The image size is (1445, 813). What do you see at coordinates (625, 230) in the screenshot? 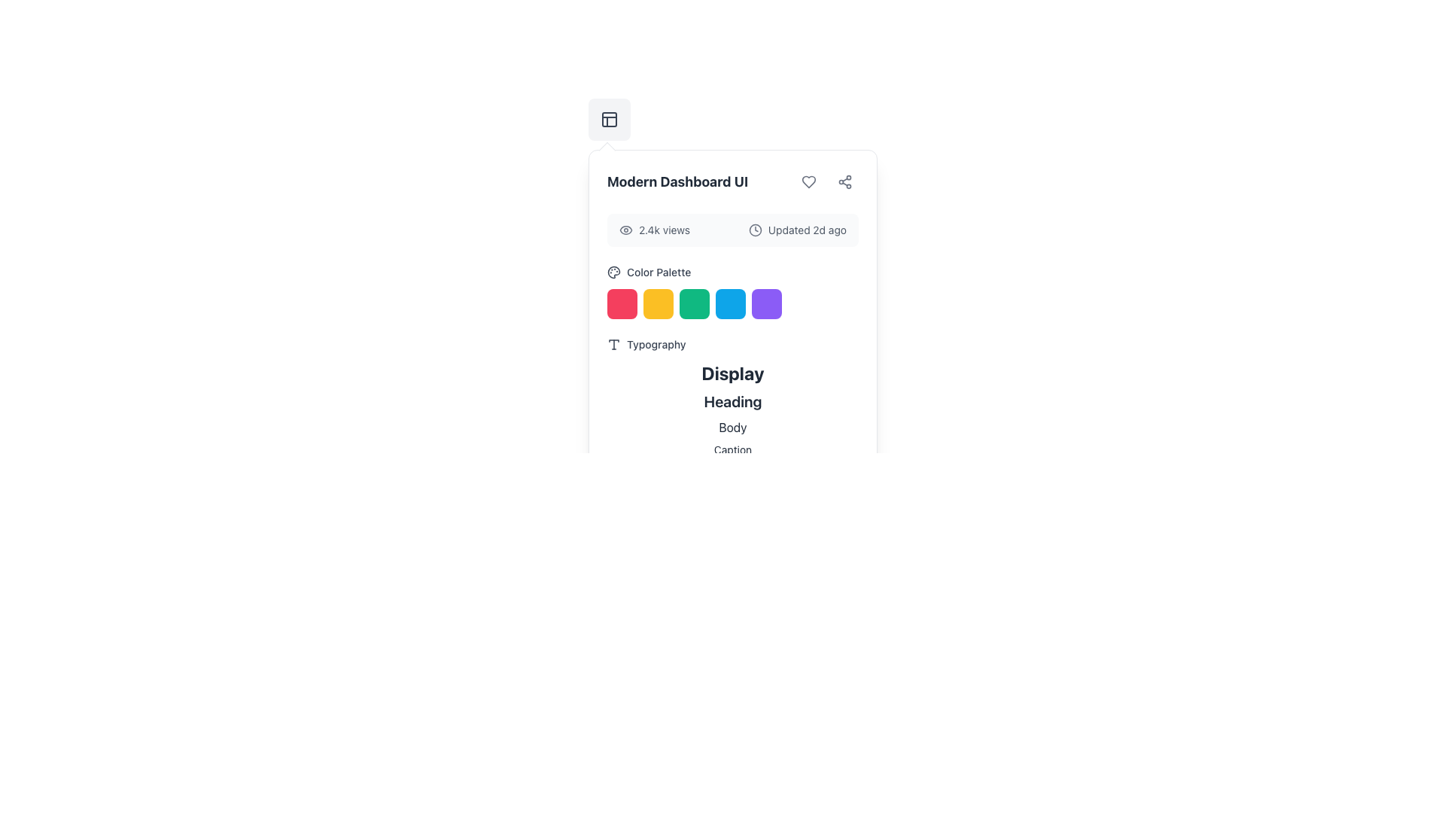
I see `the eye-shaped icon, which is gray and positioned to the left of the text '2.4k views'` at bounding box center [625, 230].